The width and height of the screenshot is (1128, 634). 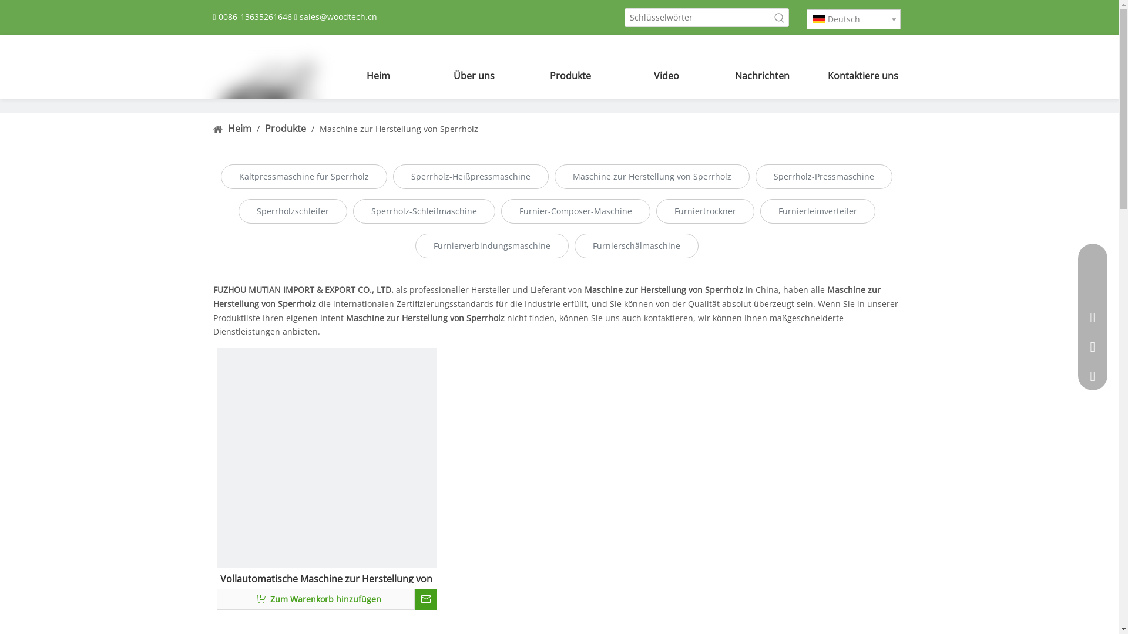 What do you see at coordinates (326, 576) in the screenshot?
I see `'Vollautomatische Maschine zur Herstellung von Sperrholz'` at bounding box center [326, 576].